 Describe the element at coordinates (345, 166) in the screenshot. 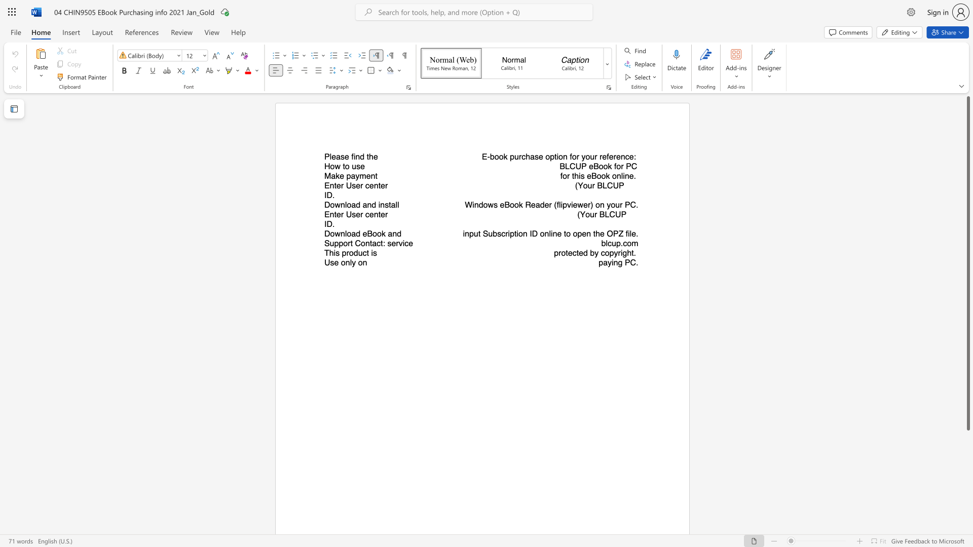

I see `the subset text "o us" within the text "How to use"` at that location.